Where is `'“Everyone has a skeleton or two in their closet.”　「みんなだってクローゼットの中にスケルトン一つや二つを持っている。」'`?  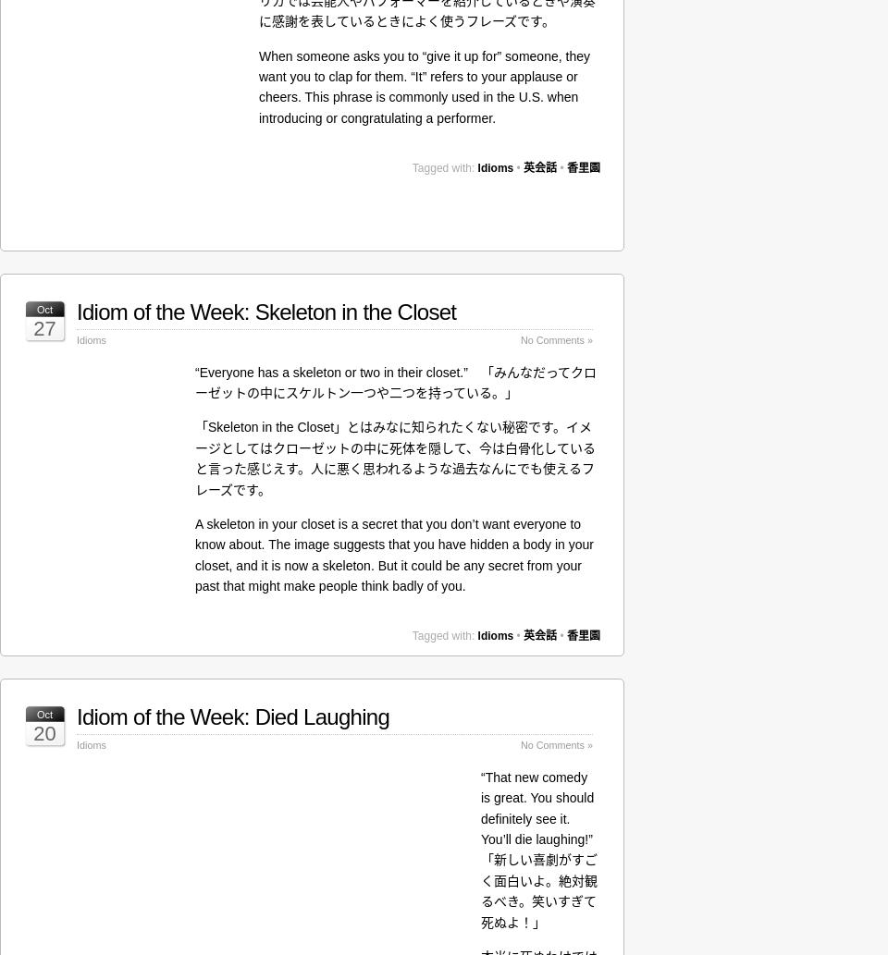 '“Everyone has a skeleton or two in their closet.”　「みんなだってクローゼットの中にスケルトン一つや二つを持っている。」' is located at coordinates (395, 381).